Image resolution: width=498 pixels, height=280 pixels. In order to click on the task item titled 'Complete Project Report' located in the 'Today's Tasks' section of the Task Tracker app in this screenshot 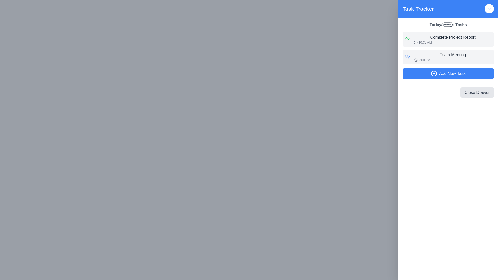, I will do `click(453, 39)`.